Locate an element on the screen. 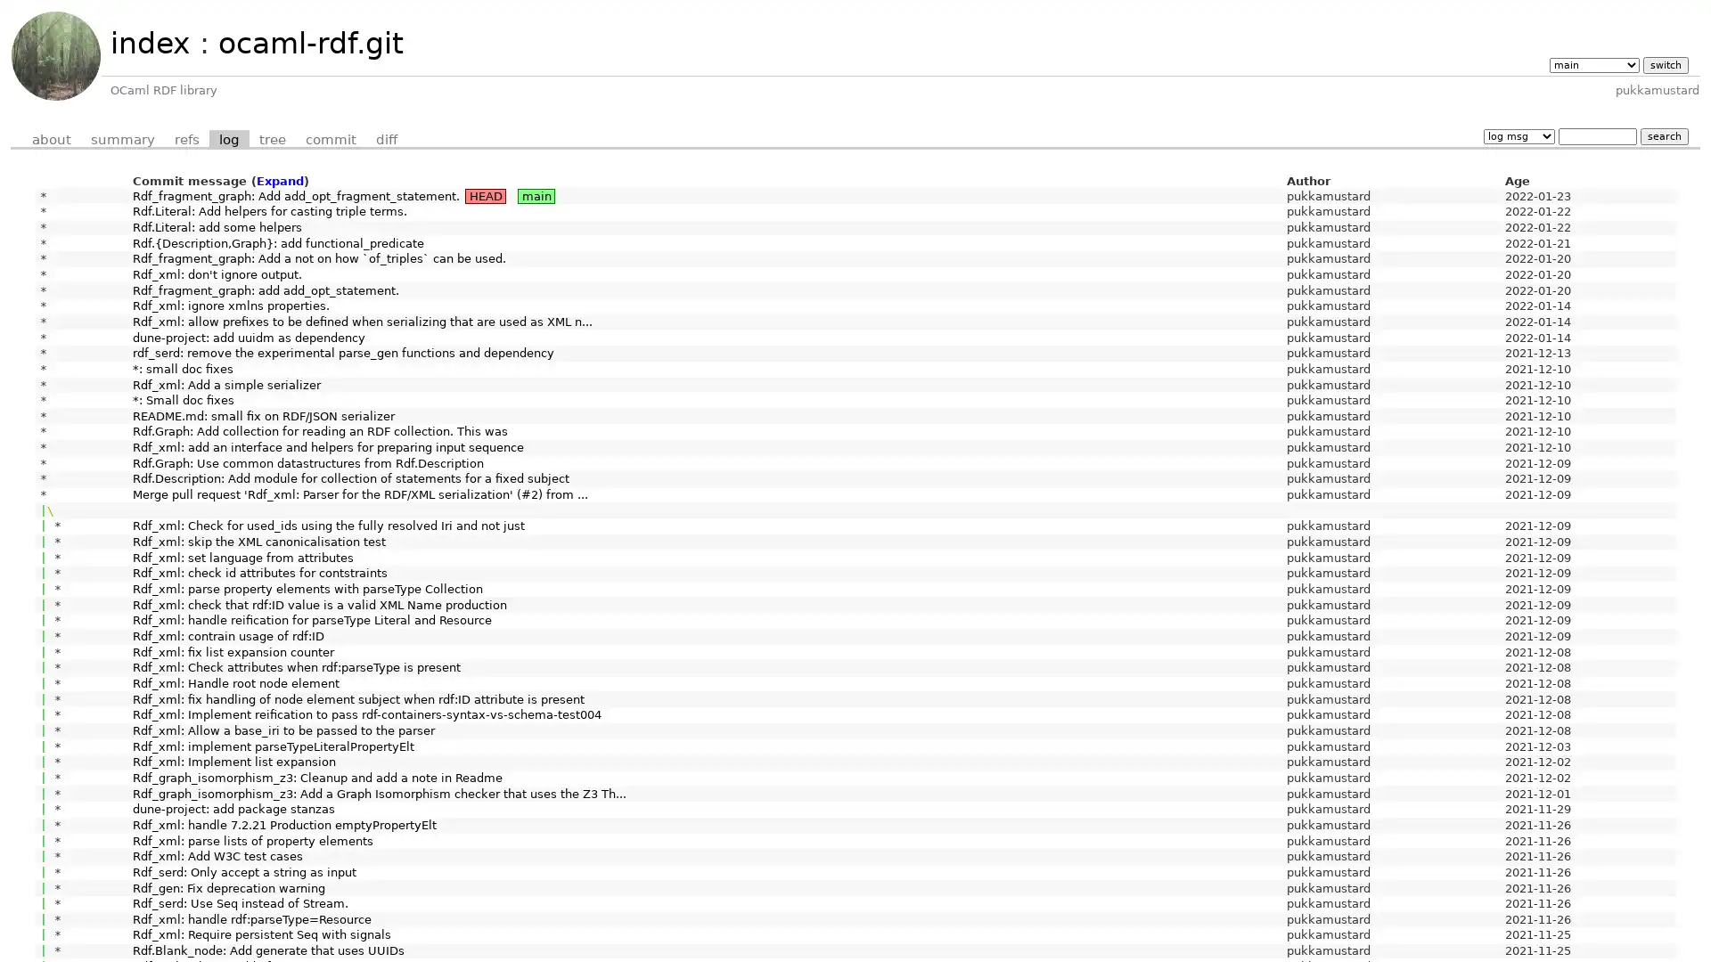  switch is located at coordinates (1664, 64).